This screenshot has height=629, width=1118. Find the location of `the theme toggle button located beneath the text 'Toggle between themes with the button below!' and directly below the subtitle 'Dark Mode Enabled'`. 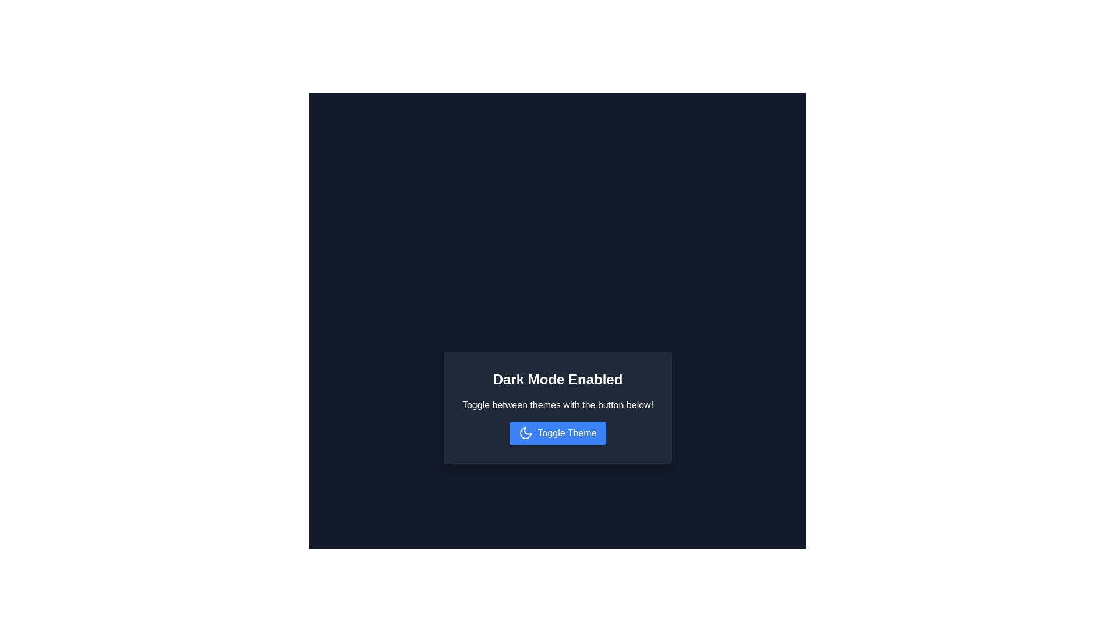

the theme toggle button located beneath the text 'Toggle between themes with the button below!' and directly below the subtitle 'Dark Mode Enabled' is located at coordinates (557, 433).